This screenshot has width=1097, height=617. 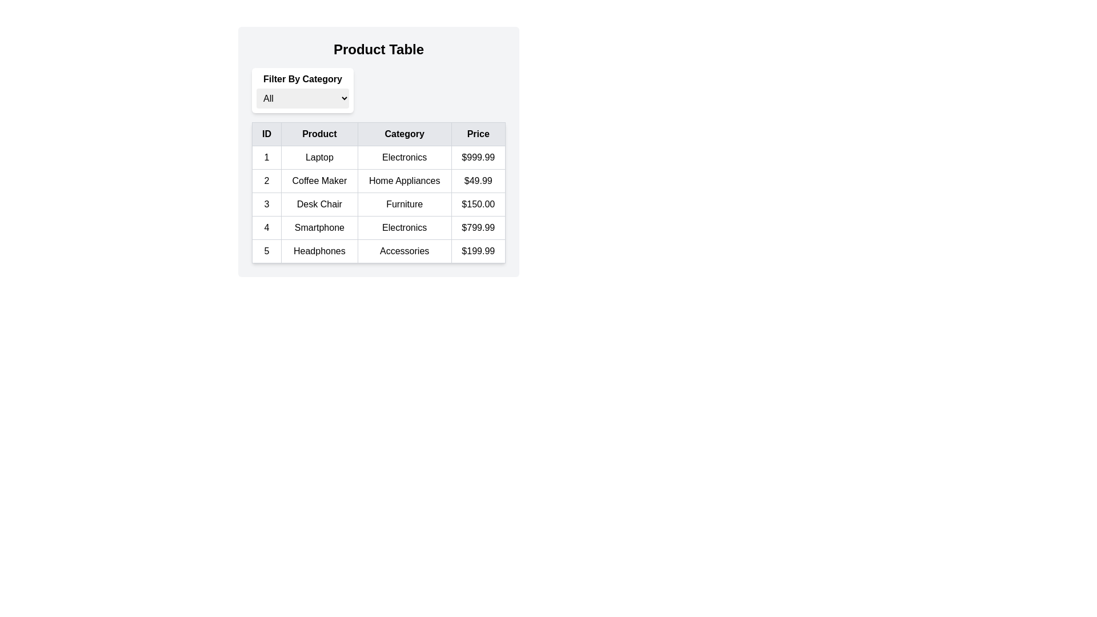 I want to click on the text label displaying 'Coffee Maker' in the 'Product' column of the table, so click(x=319, y=180).